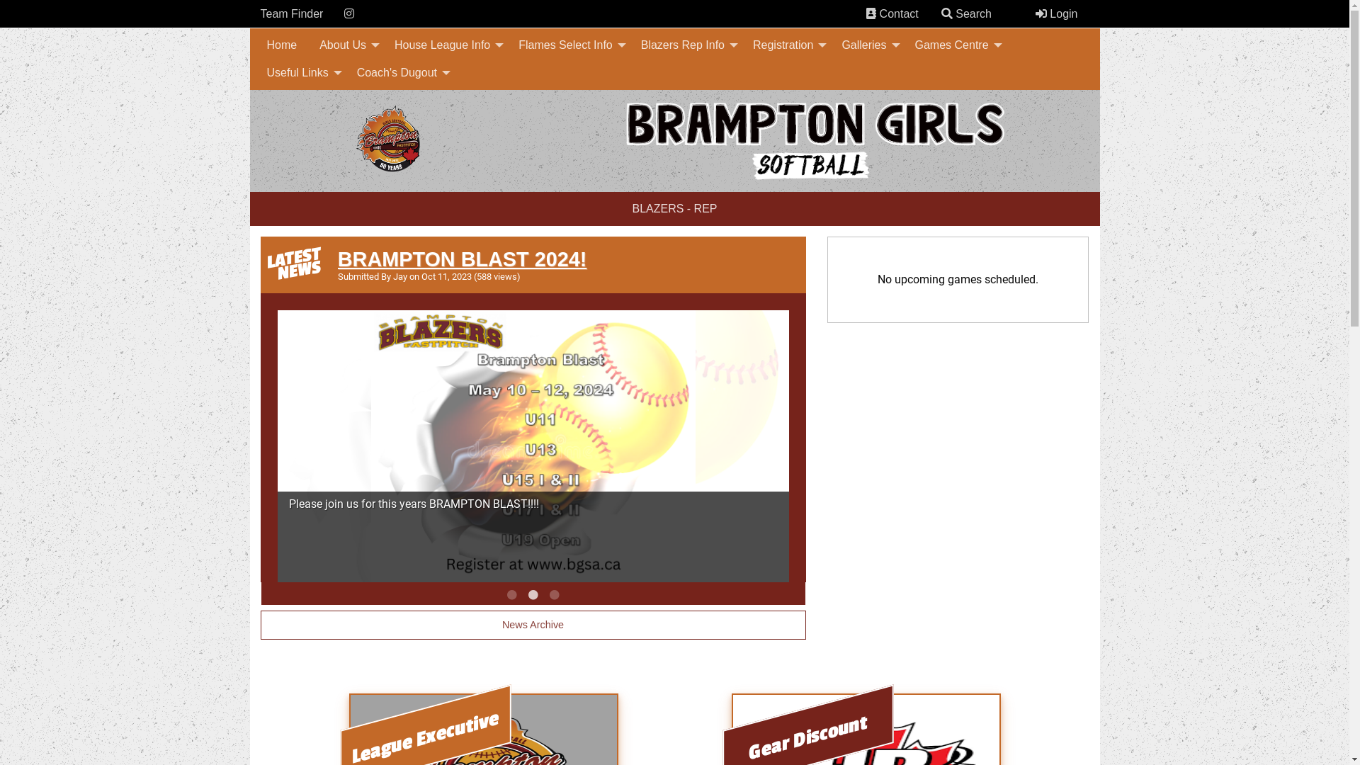 This screenshot has width=1360, height=765. I want to click on 'Home', so click(281, 45).